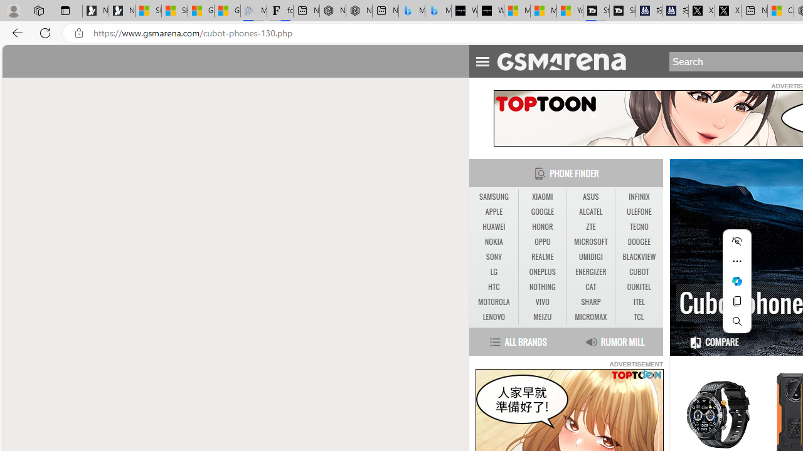 The height and width of the screenshot is (451, 803). Describe the element at coordinates (174, 11) in the screenshot. I see `'Shanghai, China weather forecast | Microsoft Weather'` at that location.